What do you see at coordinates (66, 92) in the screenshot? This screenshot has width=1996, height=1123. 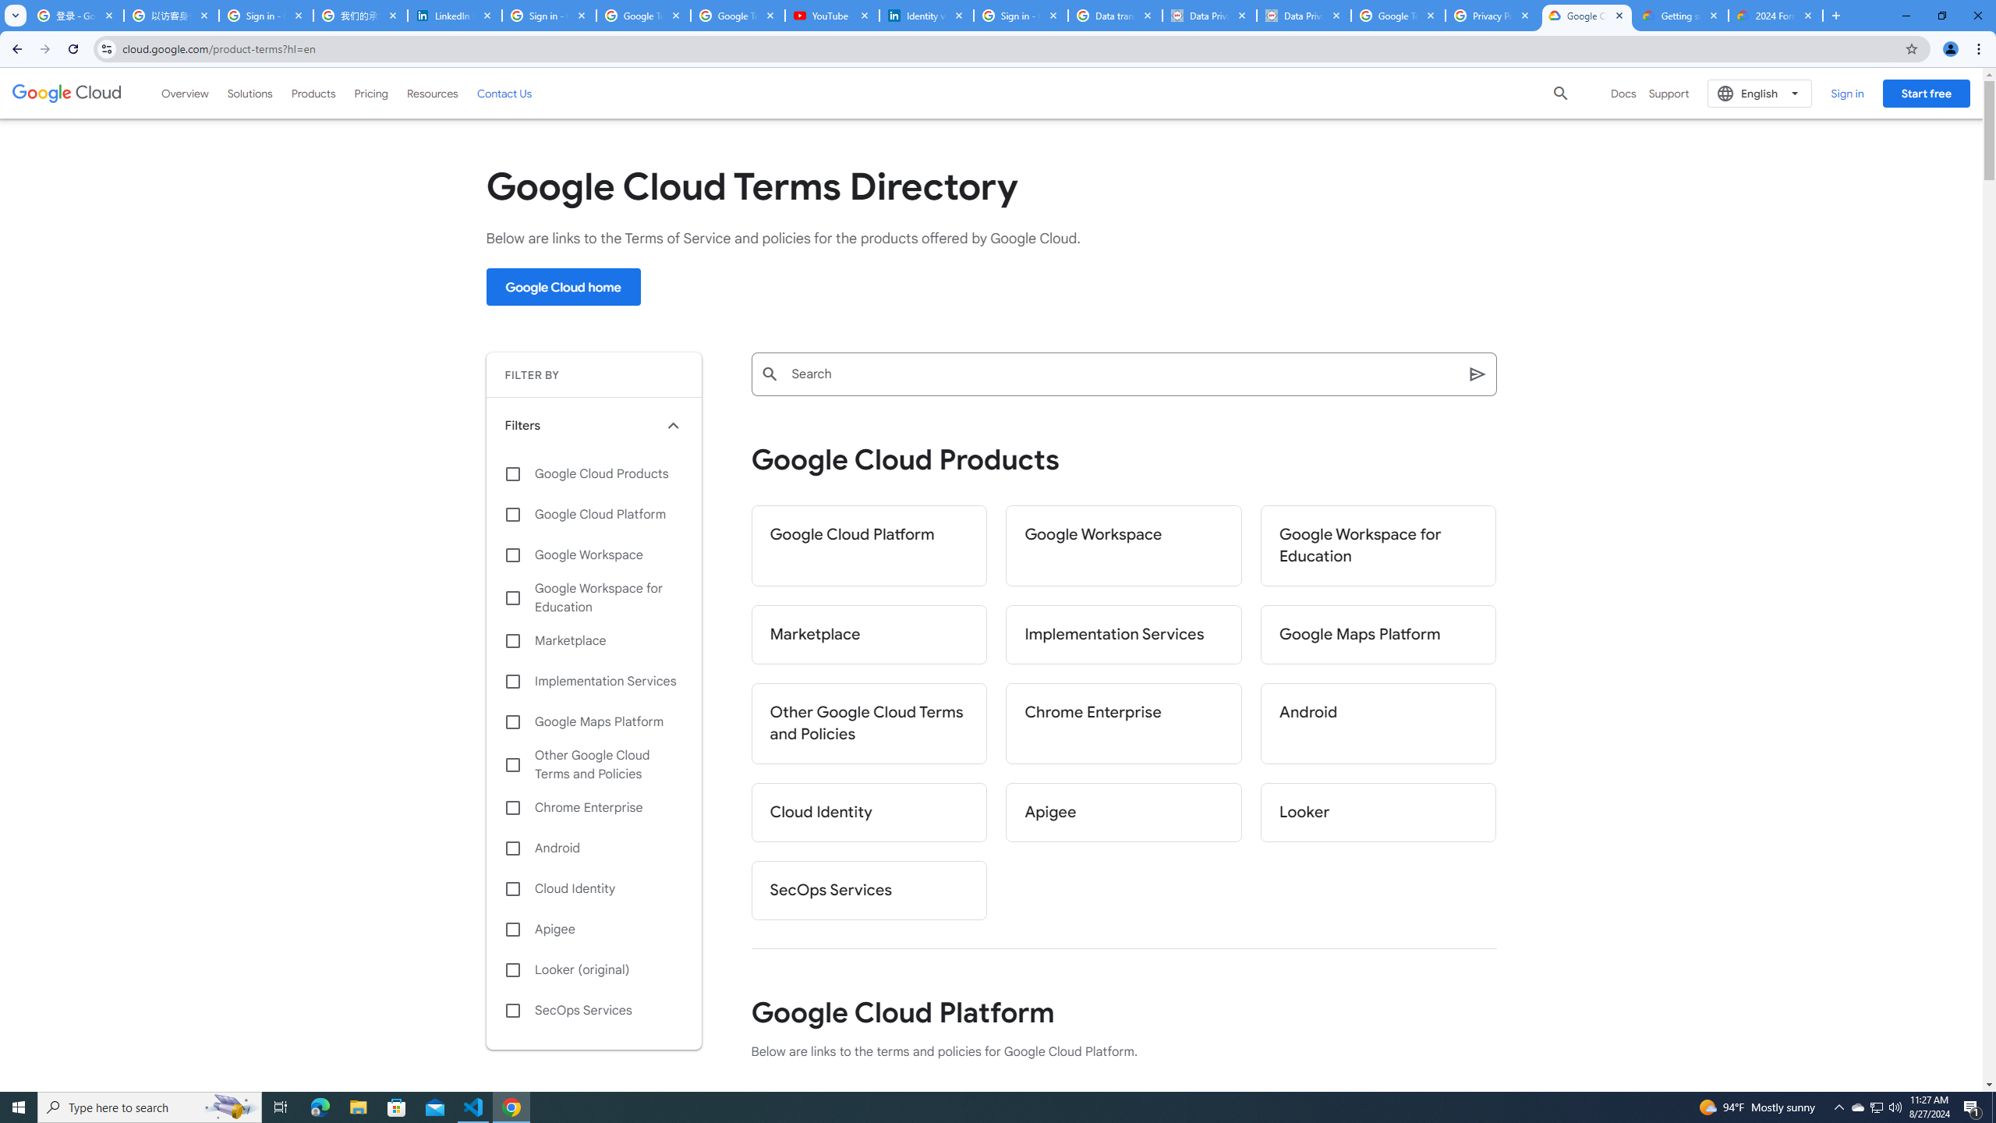 I see `'Google Cloud'` at bounding box center [66, 92].